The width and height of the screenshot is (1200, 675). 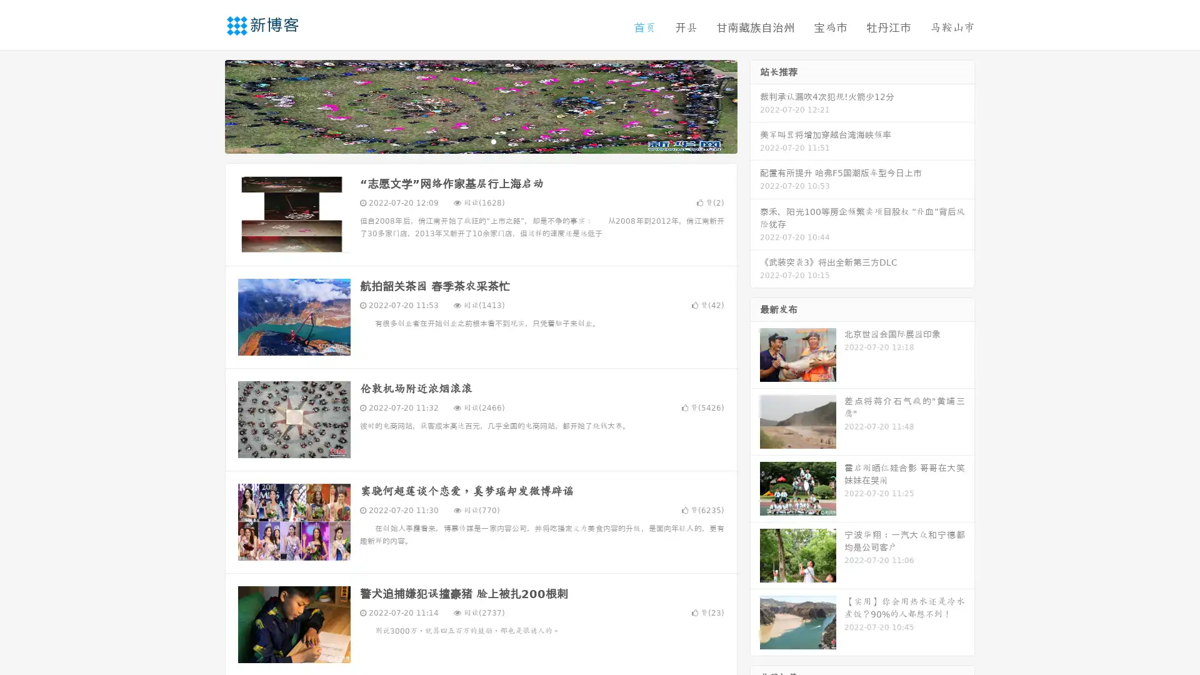 I want to click on Next slide, so click(x=755, y=105).